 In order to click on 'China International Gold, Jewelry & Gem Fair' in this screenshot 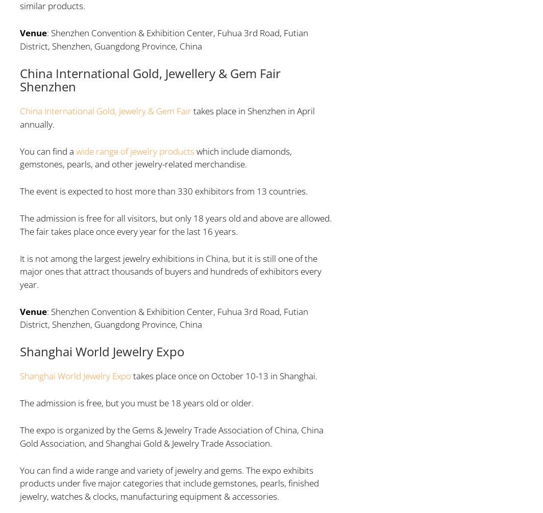, I will do `click(19, 110)`.